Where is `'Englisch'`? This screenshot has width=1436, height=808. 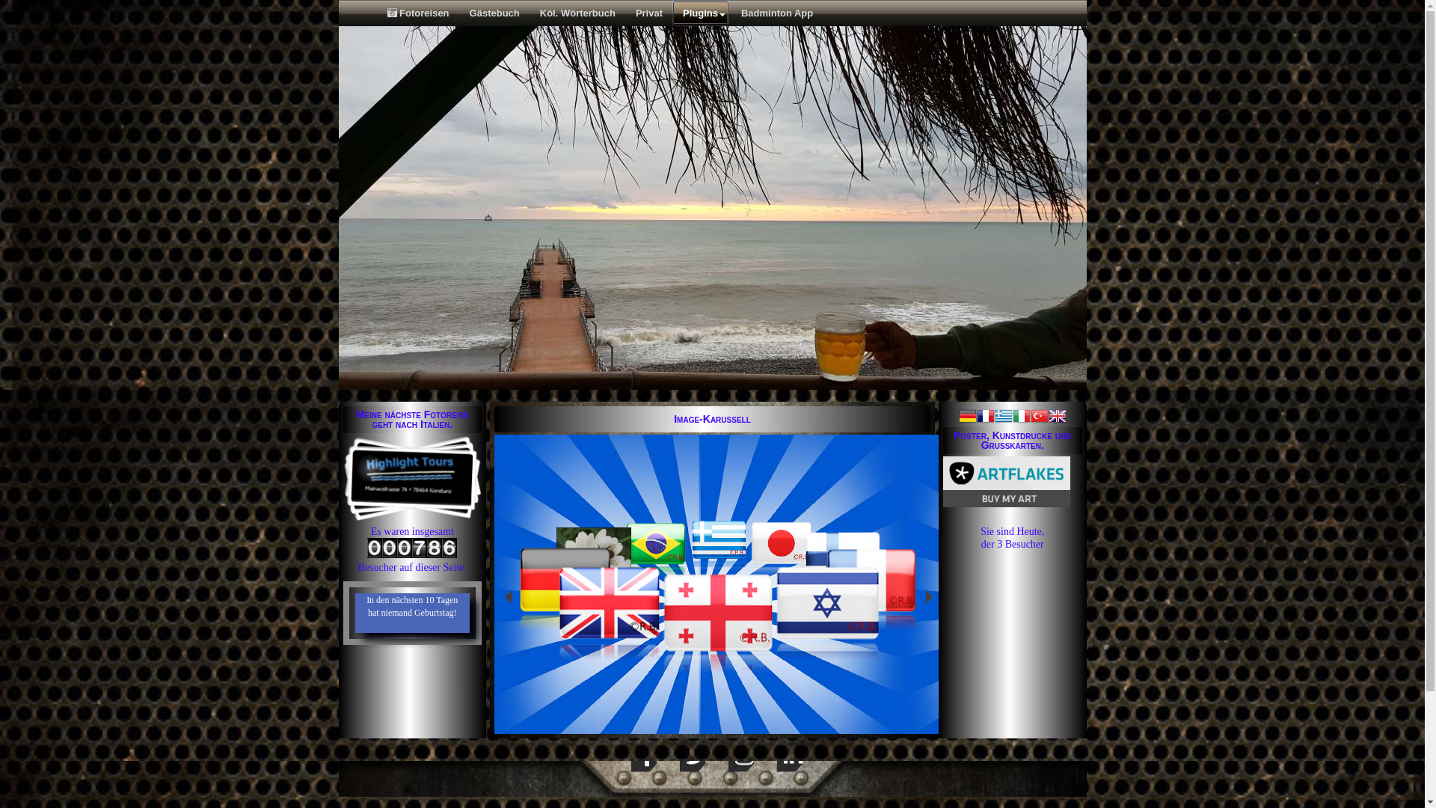 'Englisch' is located at coordinates (1057, 418).